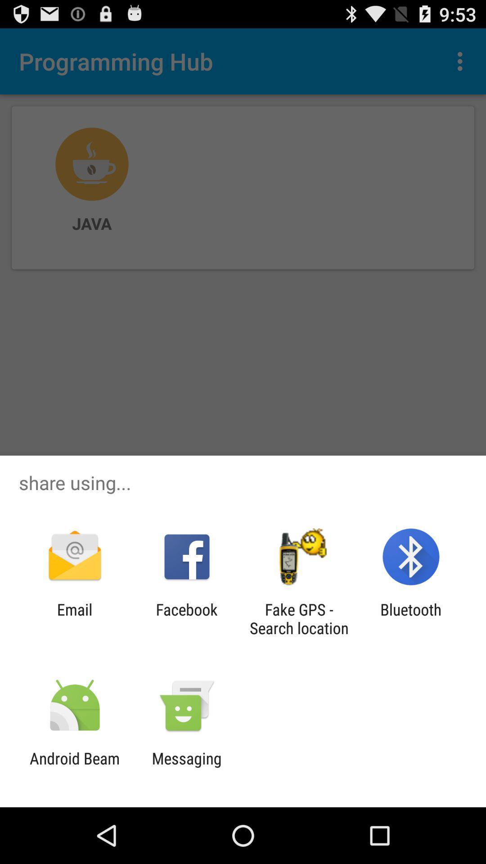 The width and height of the screenshot is (486, 864). I want to click on the icon next to the bluetooth app, so click(299, 618).